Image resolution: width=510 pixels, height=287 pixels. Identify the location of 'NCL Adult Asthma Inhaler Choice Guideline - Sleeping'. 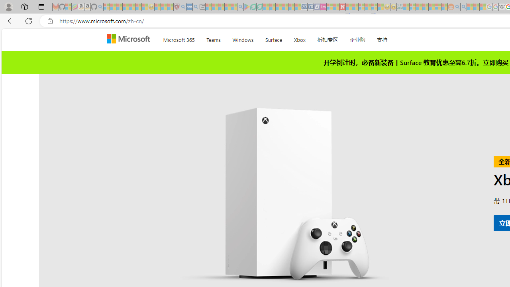
(189, 7).